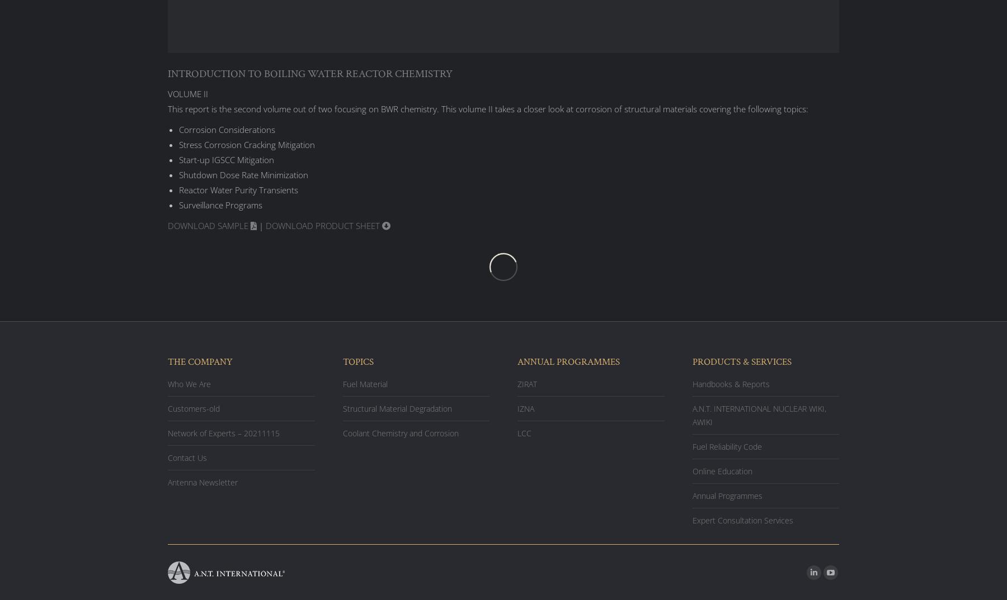 This screenshot has height=600, width=1007. Describe the element at coordinates (526, 383) in the screenshot. I see `'ZIRAT'` at that location.